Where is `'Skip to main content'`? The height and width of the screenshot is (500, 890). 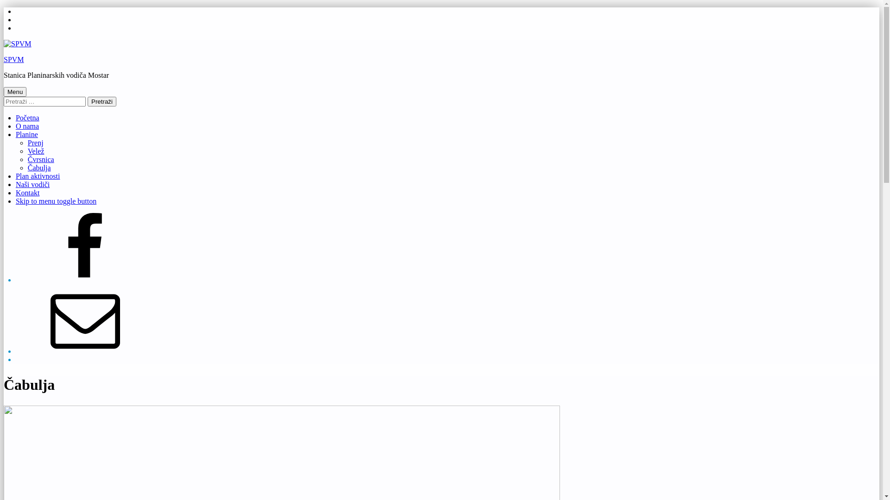 'Skip to main content' is located at coordinates (15, 15).